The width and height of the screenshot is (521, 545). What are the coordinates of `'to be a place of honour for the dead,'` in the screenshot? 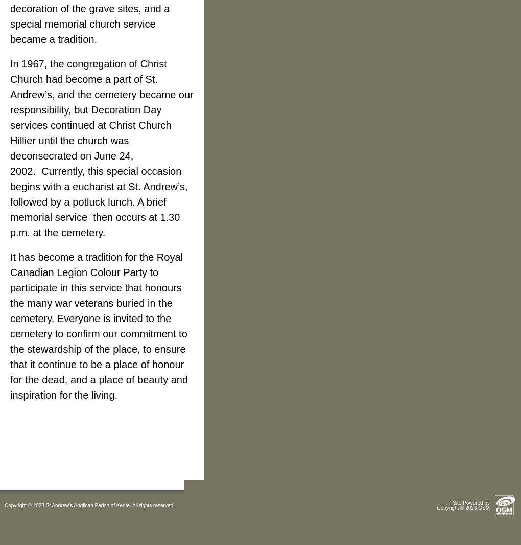 It's located at (9, 371).